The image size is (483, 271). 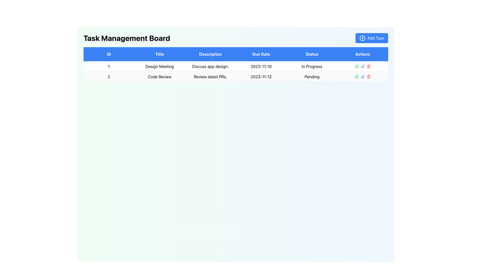 What do you see at coordinates (312, 66) in the screenshot?
I see `the static text label in the 'Status' column of the first row, which indicates the progress of the 'Design Meeting' task` at bounding box center [312, 66].